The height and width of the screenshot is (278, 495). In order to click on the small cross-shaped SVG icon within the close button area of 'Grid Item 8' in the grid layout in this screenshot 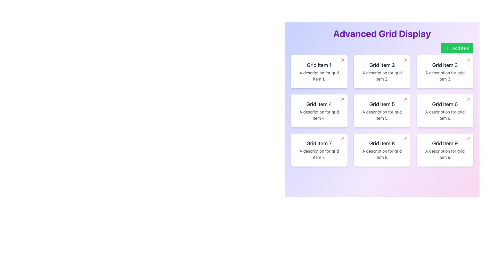, I will do `click(406, 138)`.